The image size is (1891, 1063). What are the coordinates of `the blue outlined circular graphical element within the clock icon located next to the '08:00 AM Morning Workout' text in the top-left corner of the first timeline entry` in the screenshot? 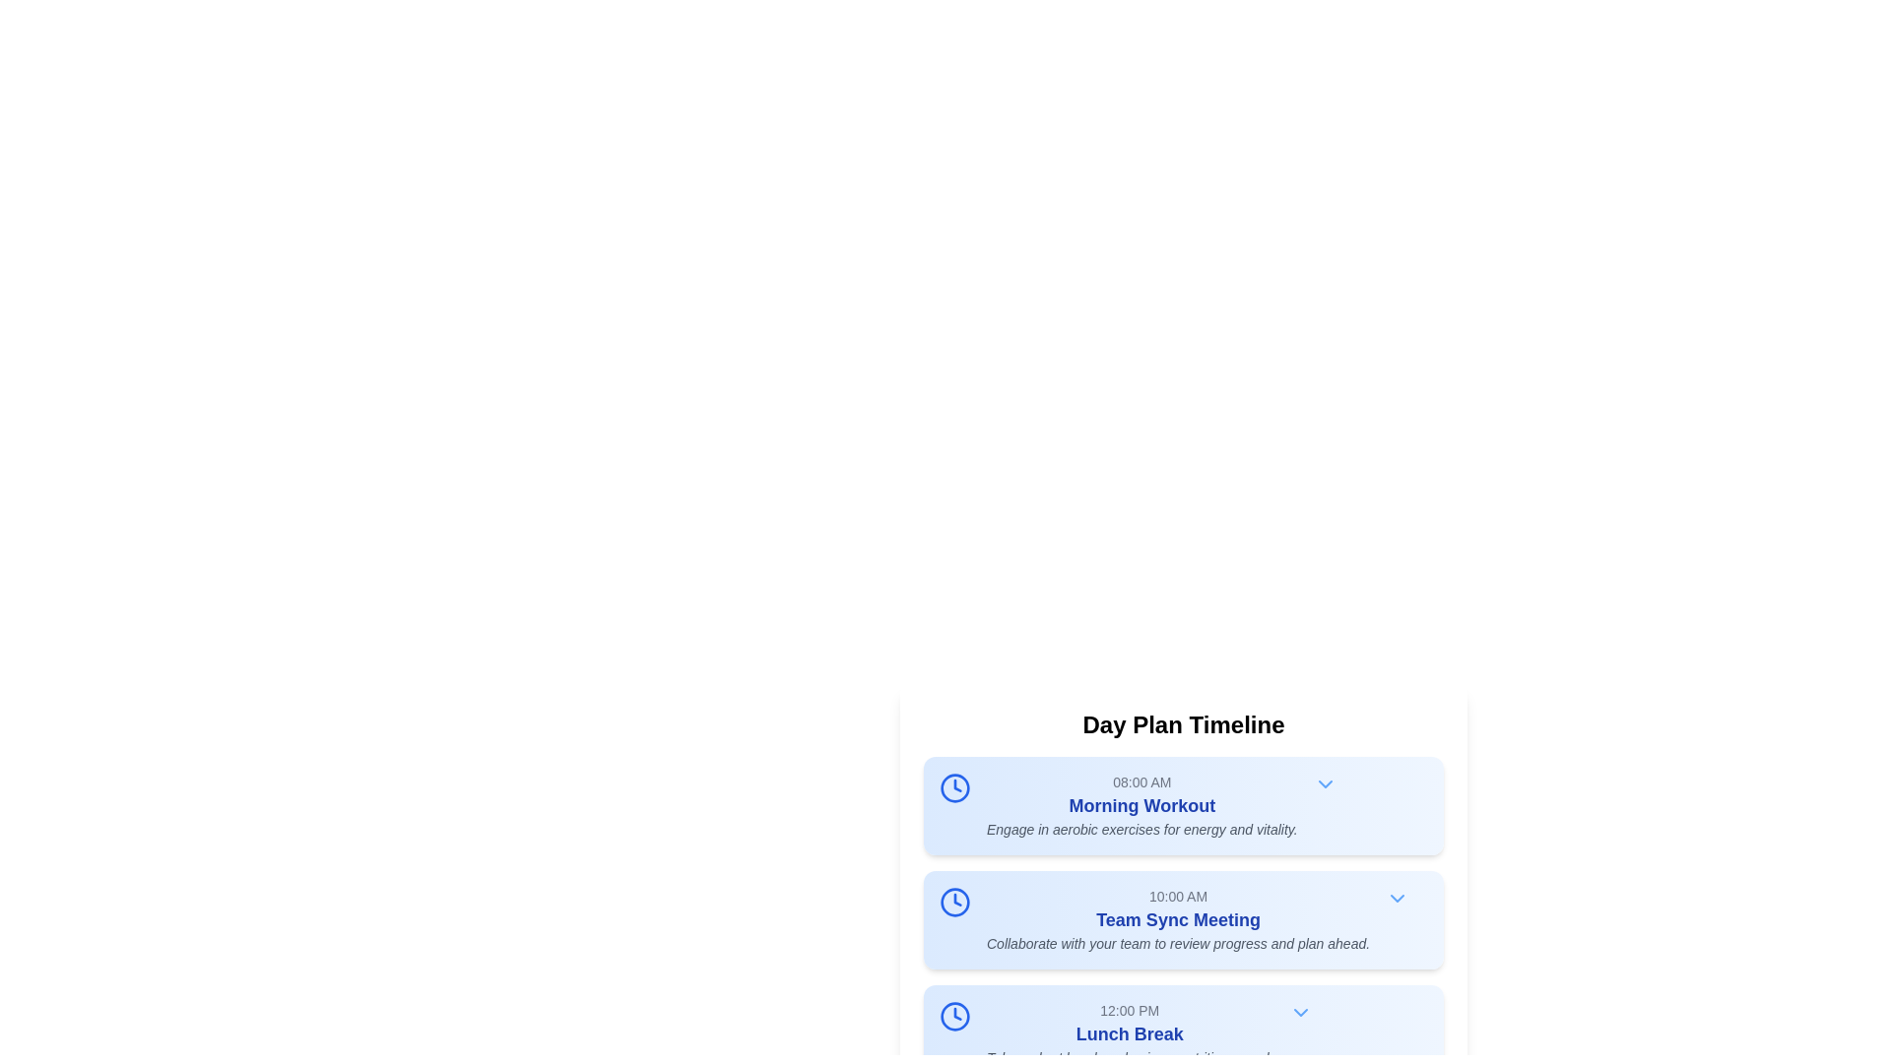 It's located at (954, 787).